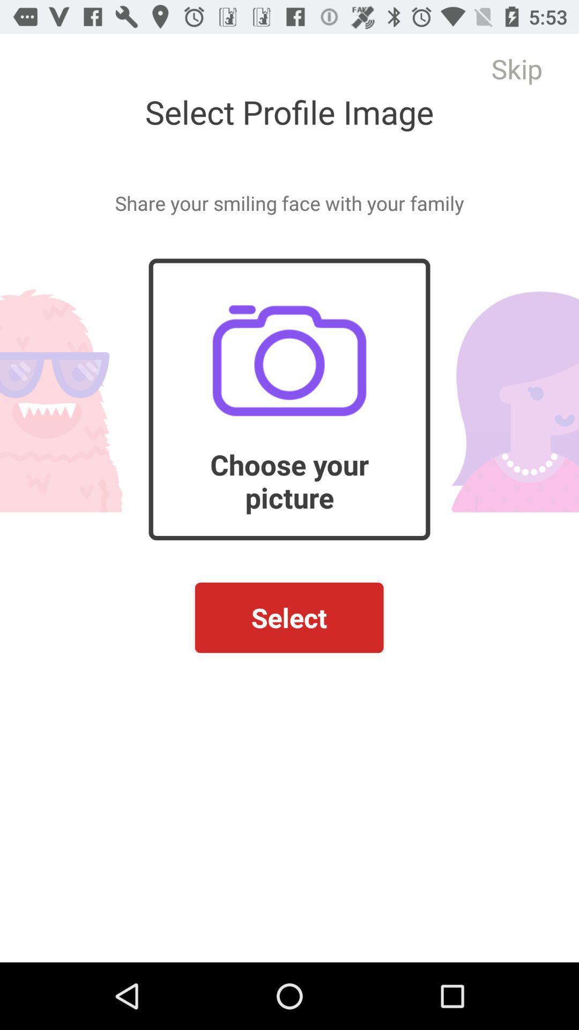  Describe the element at coordinates (516, 68) in the screenshot. I see `the skip icon` at that location.